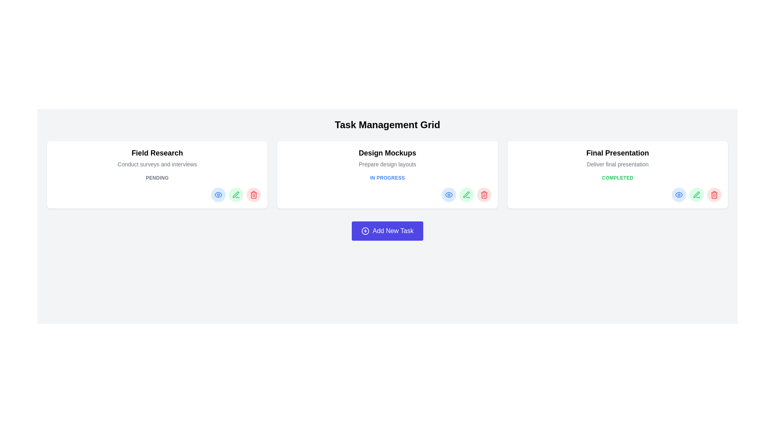 This screenshot has height=434, width=771. I want to click on the pencil icon representing the edit action within the 'Design Mockups' task card for accessibility actions, so click(466, 194).